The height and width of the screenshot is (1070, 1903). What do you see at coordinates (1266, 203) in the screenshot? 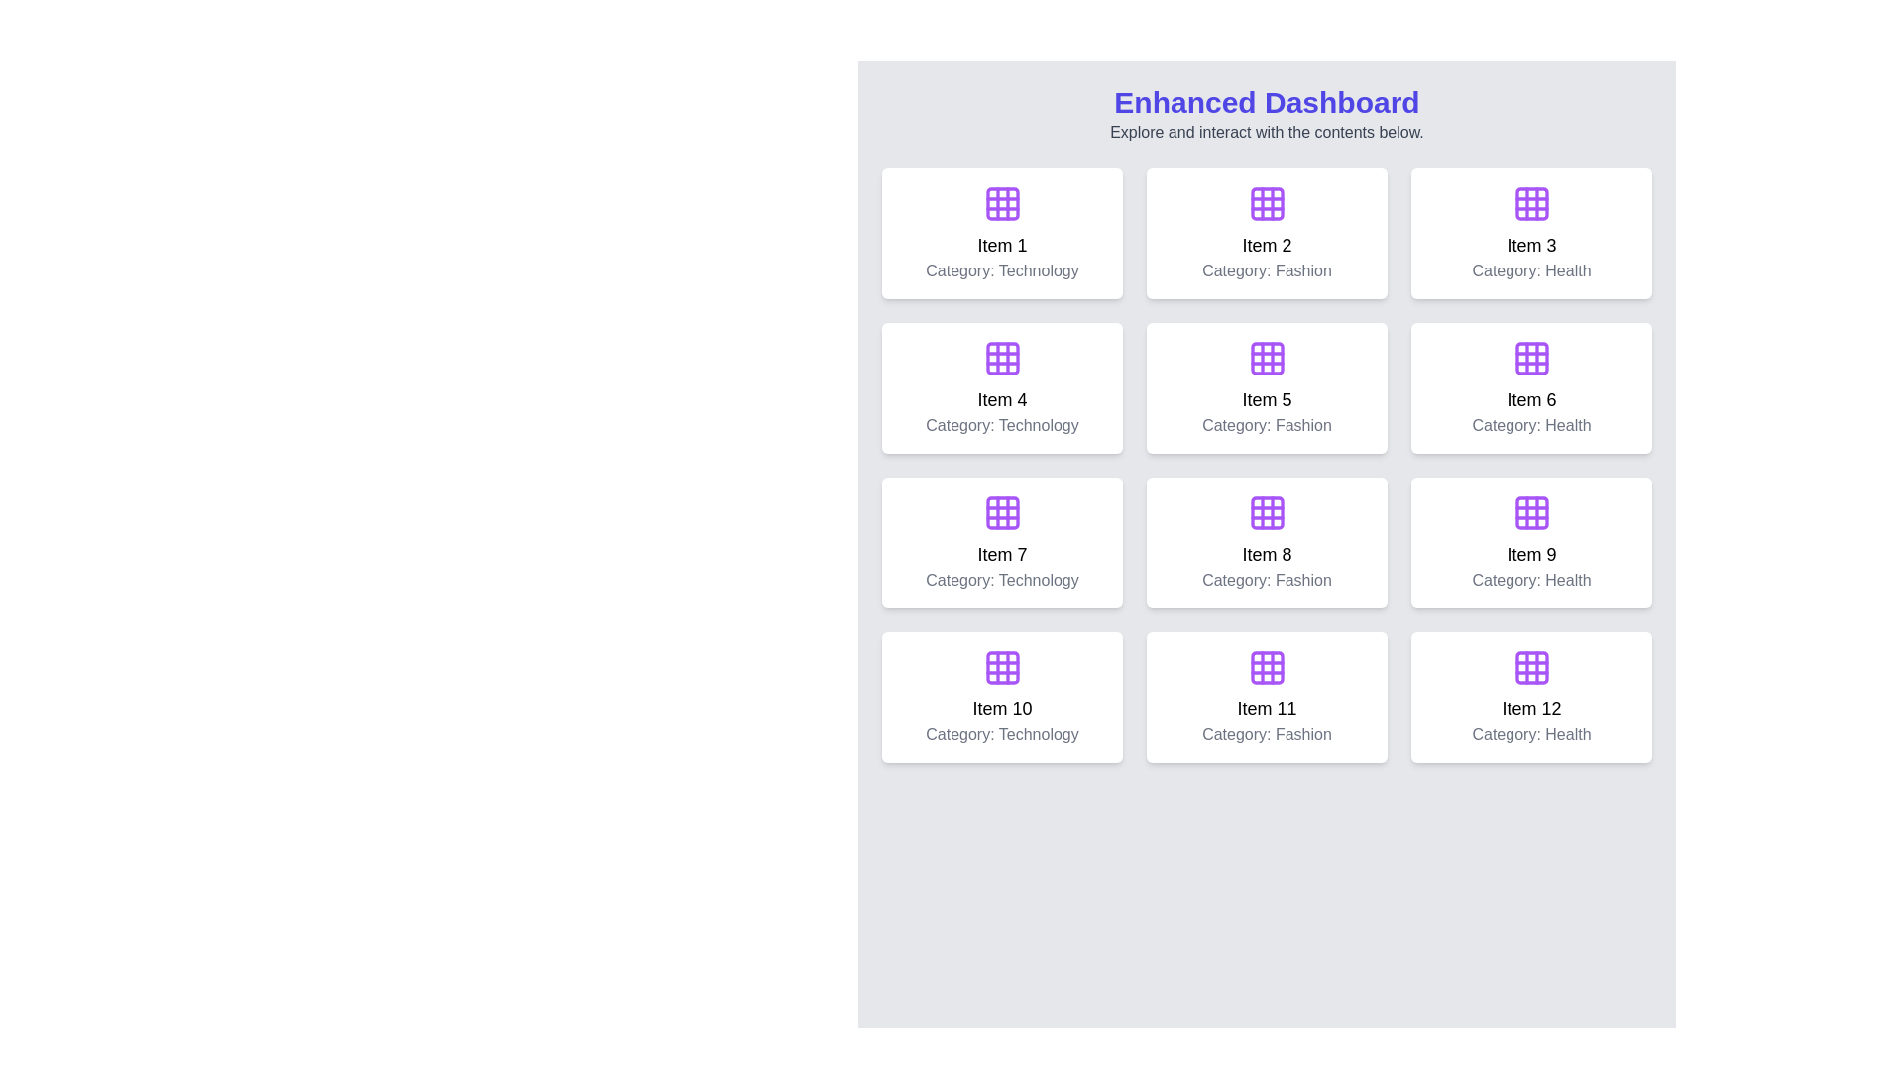
I see `the purple grid icon located at the top center of the 'Item 2' card in the dashboard interface` at bounding box center [1266, 203].